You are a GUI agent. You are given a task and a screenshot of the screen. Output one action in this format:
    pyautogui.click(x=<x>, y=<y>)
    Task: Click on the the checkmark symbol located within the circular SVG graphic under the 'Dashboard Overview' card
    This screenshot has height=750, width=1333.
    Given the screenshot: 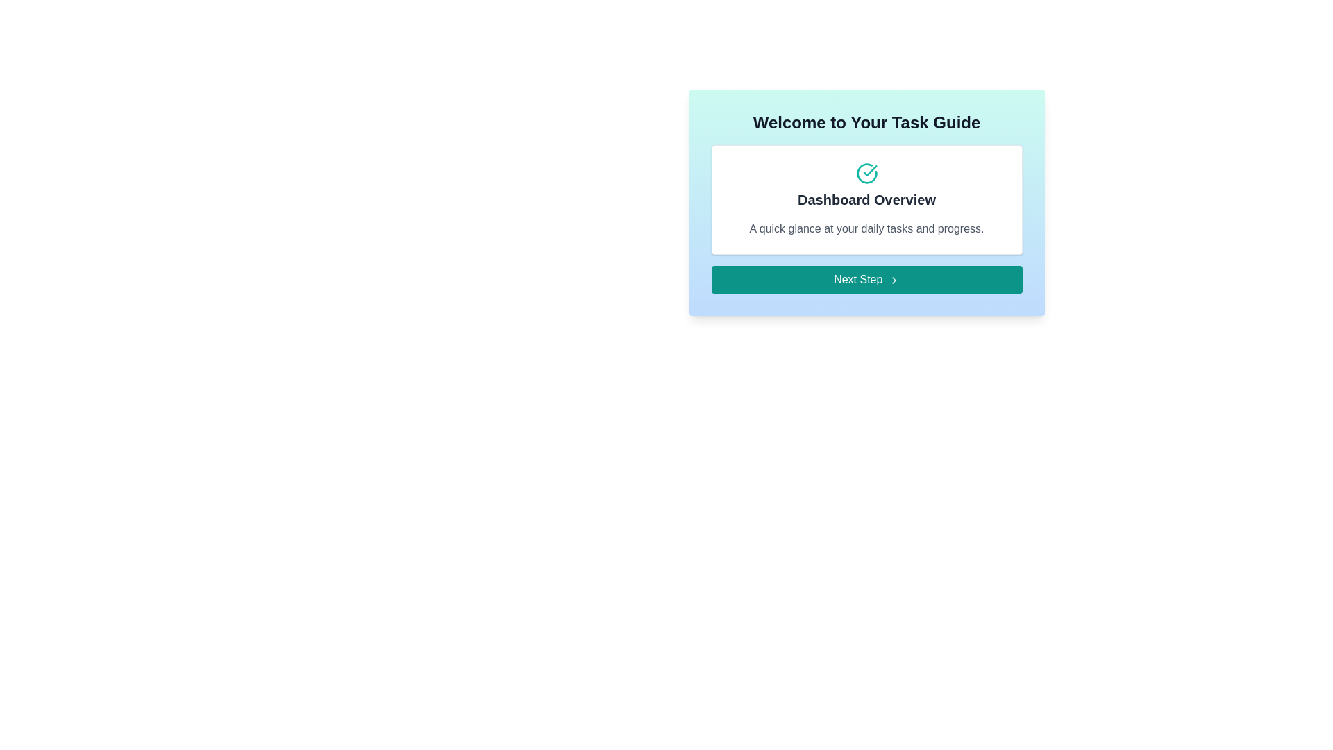 What is the action you would take?
    pyautogui.click(x=869, y=170)
    